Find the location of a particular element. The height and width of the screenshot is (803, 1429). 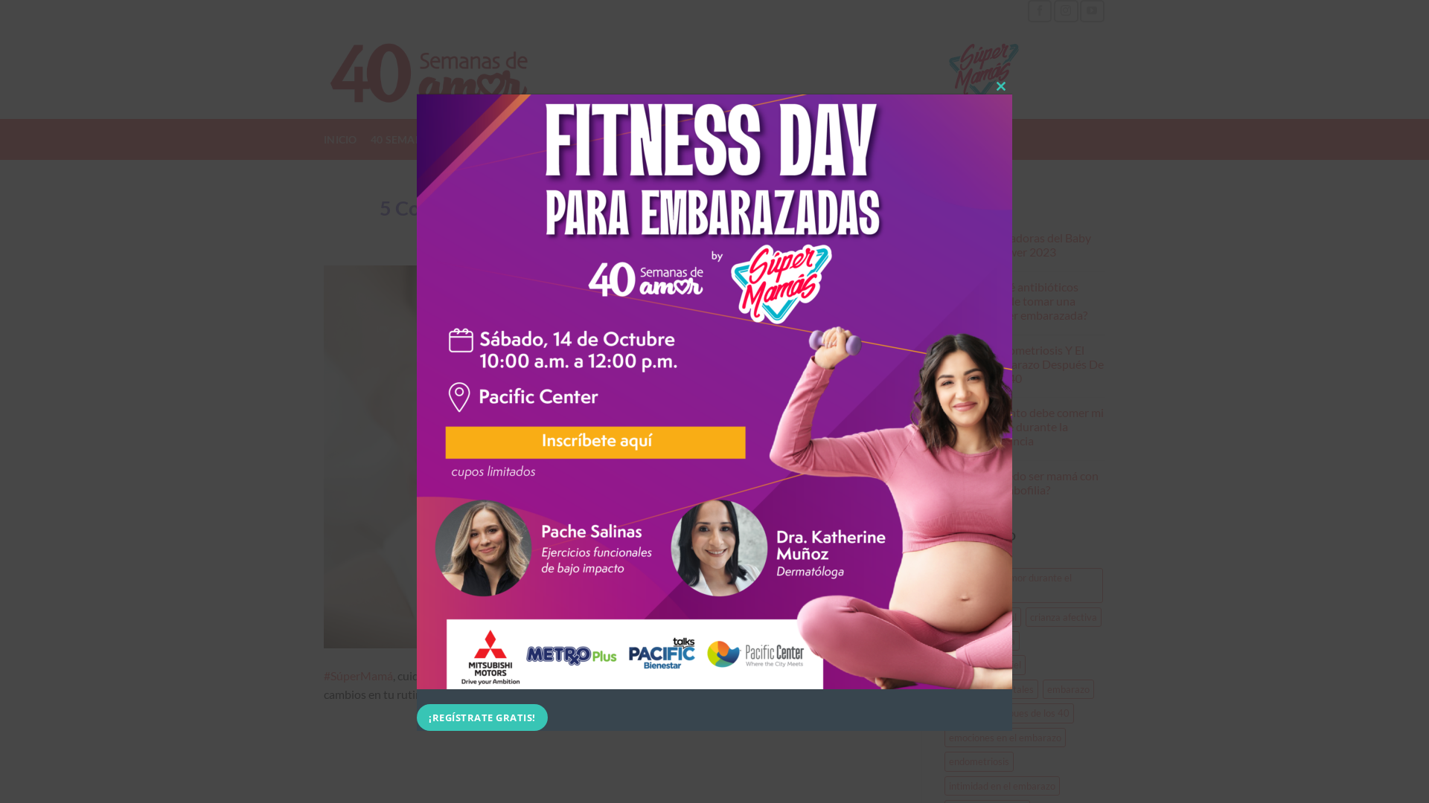

'embarazo despues de los 40' is located at coordinates (1008, 712).